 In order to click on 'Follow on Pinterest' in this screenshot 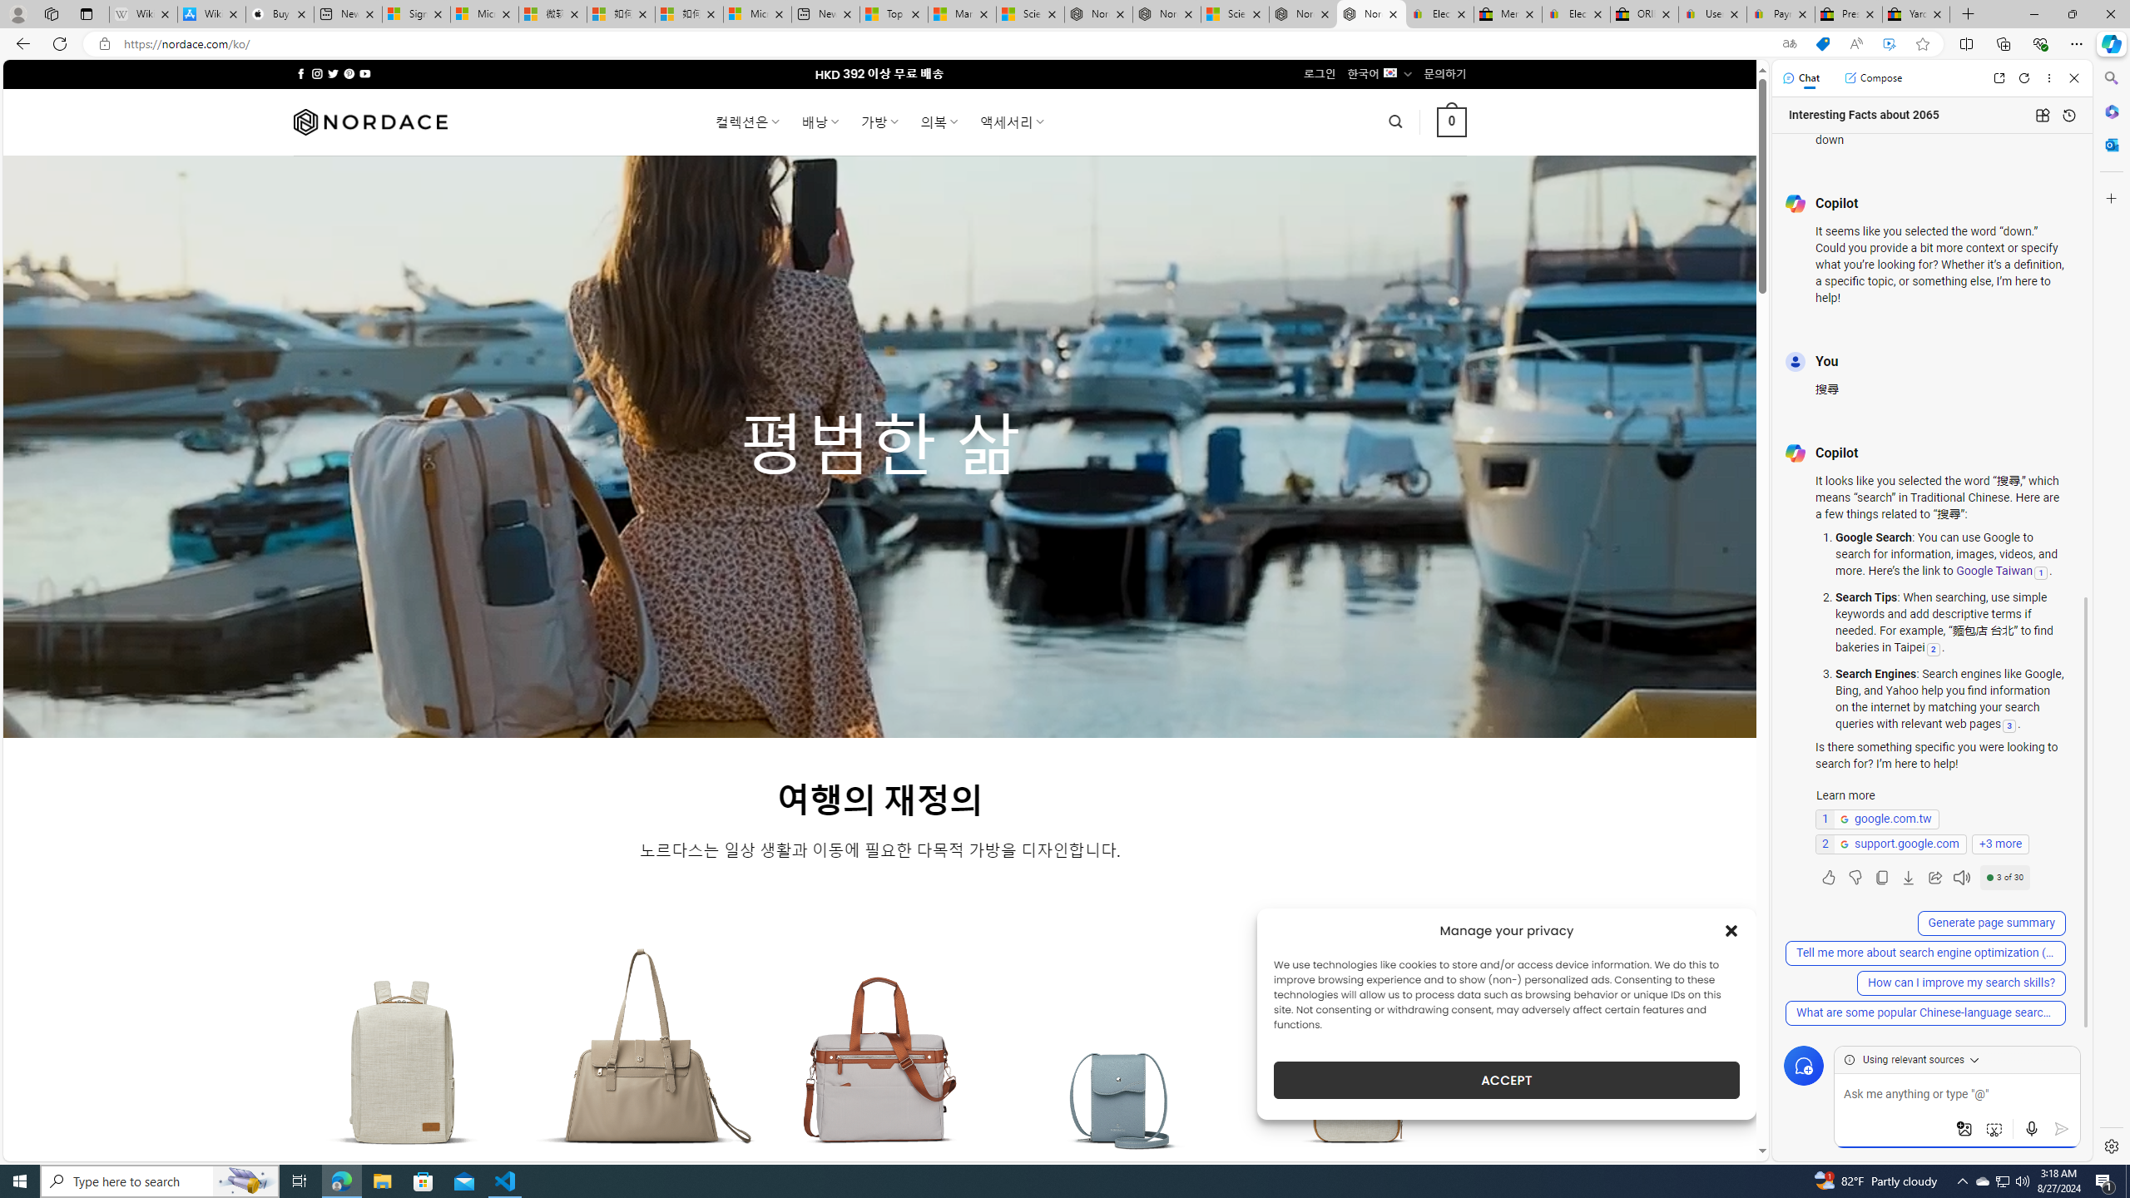, I will do `click(347, 73)`.